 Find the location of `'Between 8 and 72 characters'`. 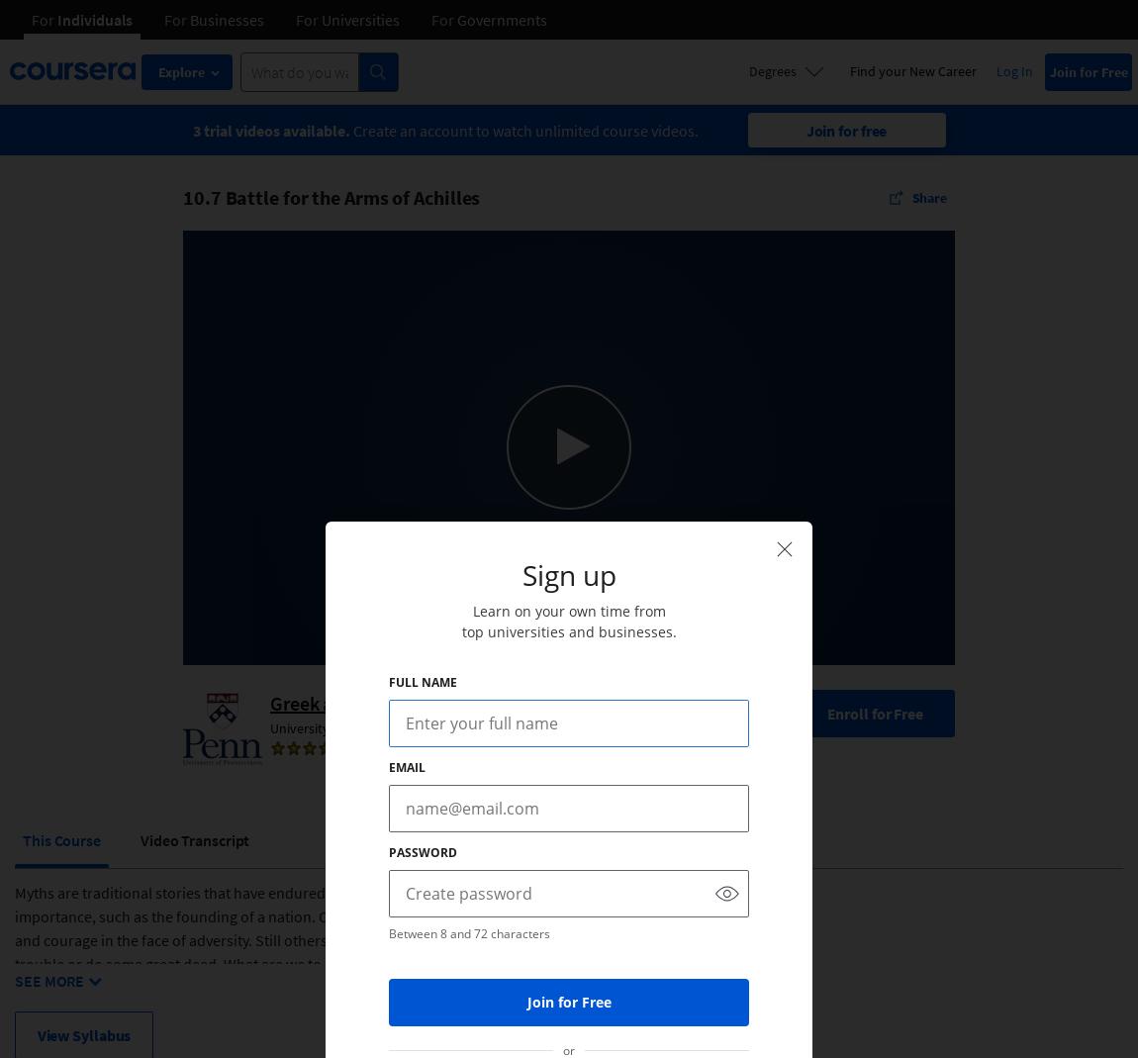

'Between 8 and 72 characters' is located at coordinates (469, 932).